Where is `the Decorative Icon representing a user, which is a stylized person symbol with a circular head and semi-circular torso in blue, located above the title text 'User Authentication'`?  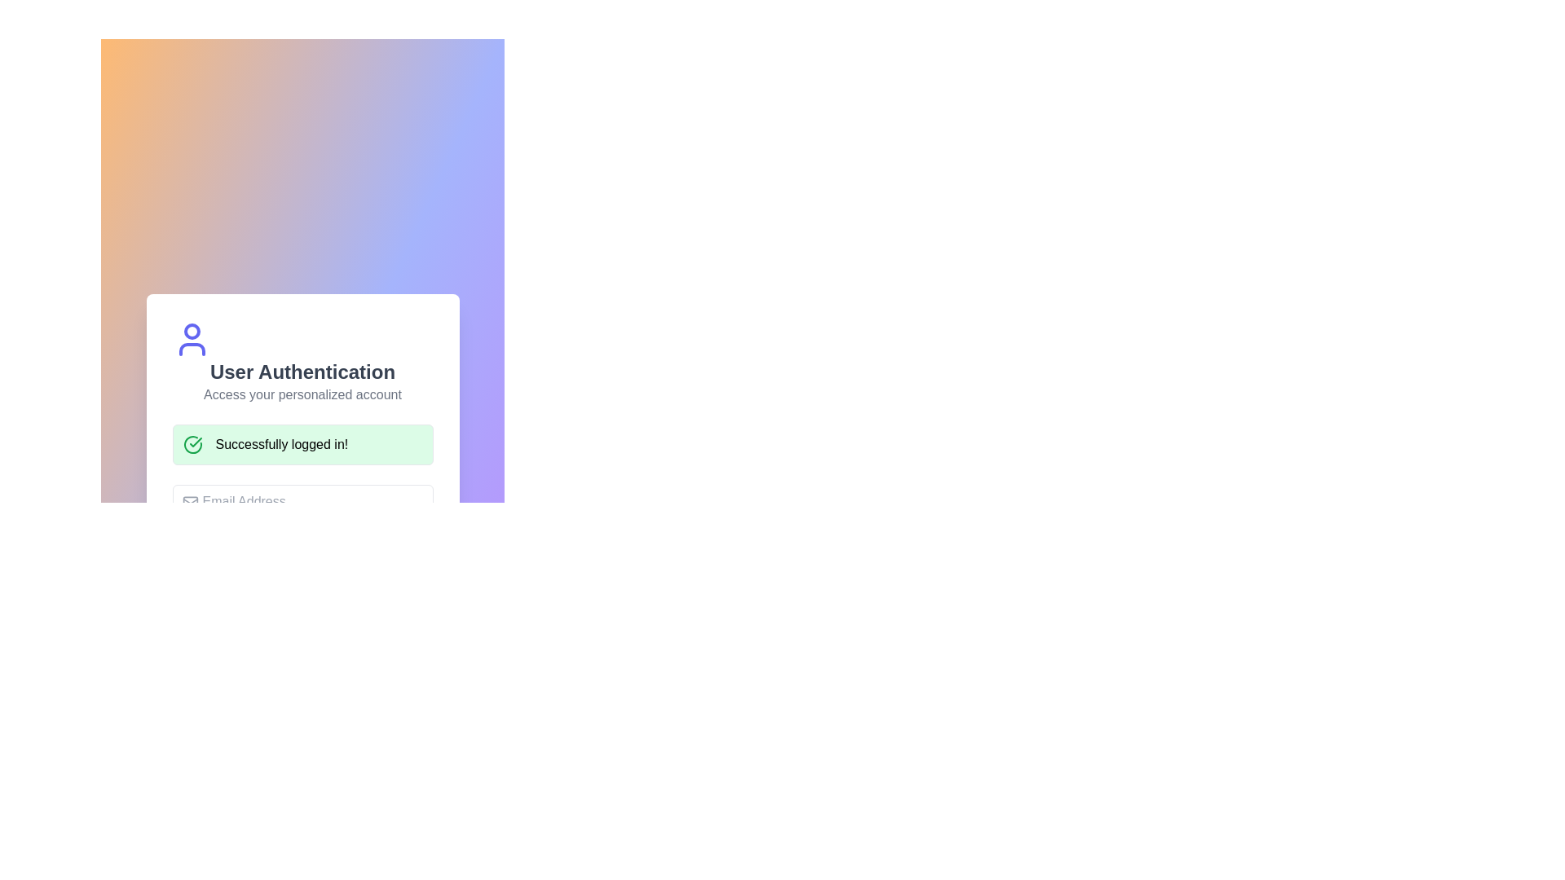
the Decorative Icon representing a user, which is a stylized person symbol with a circular head and semi-circular torso in blue, located above the title text 'User Authentication' is located at coordinates (192, 338).